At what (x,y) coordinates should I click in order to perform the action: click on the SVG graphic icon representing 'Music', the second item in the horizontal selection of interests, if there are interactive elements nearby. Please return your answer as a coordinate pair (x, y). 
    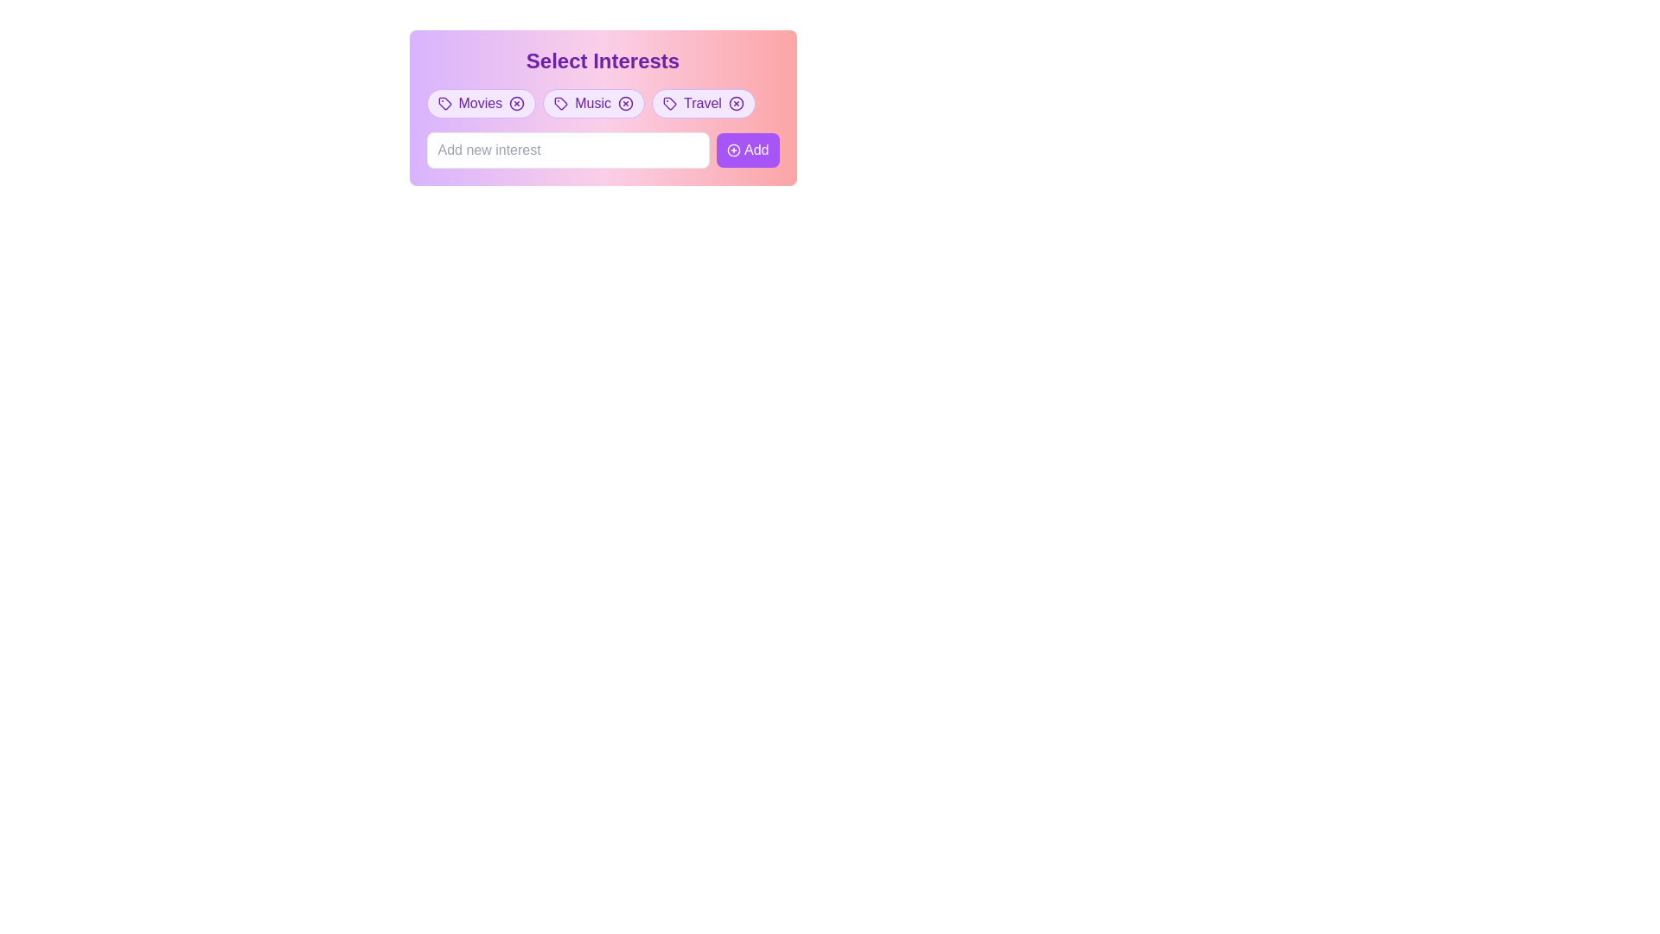
    Looking at the image, I should click on (561, 103).